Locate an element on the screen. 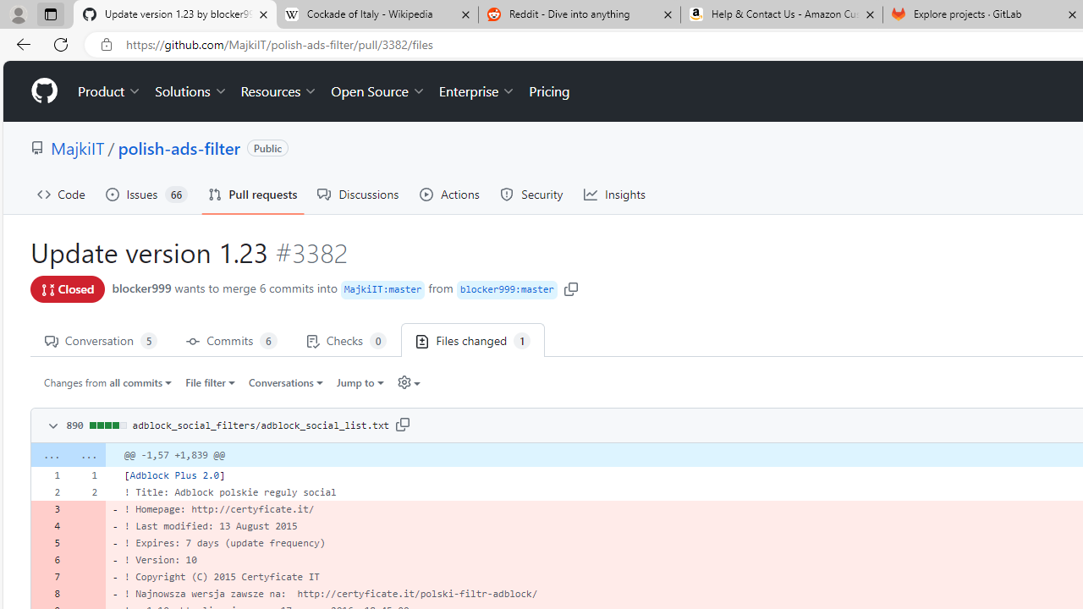  'Insights' is located at coordinates (614, 194).